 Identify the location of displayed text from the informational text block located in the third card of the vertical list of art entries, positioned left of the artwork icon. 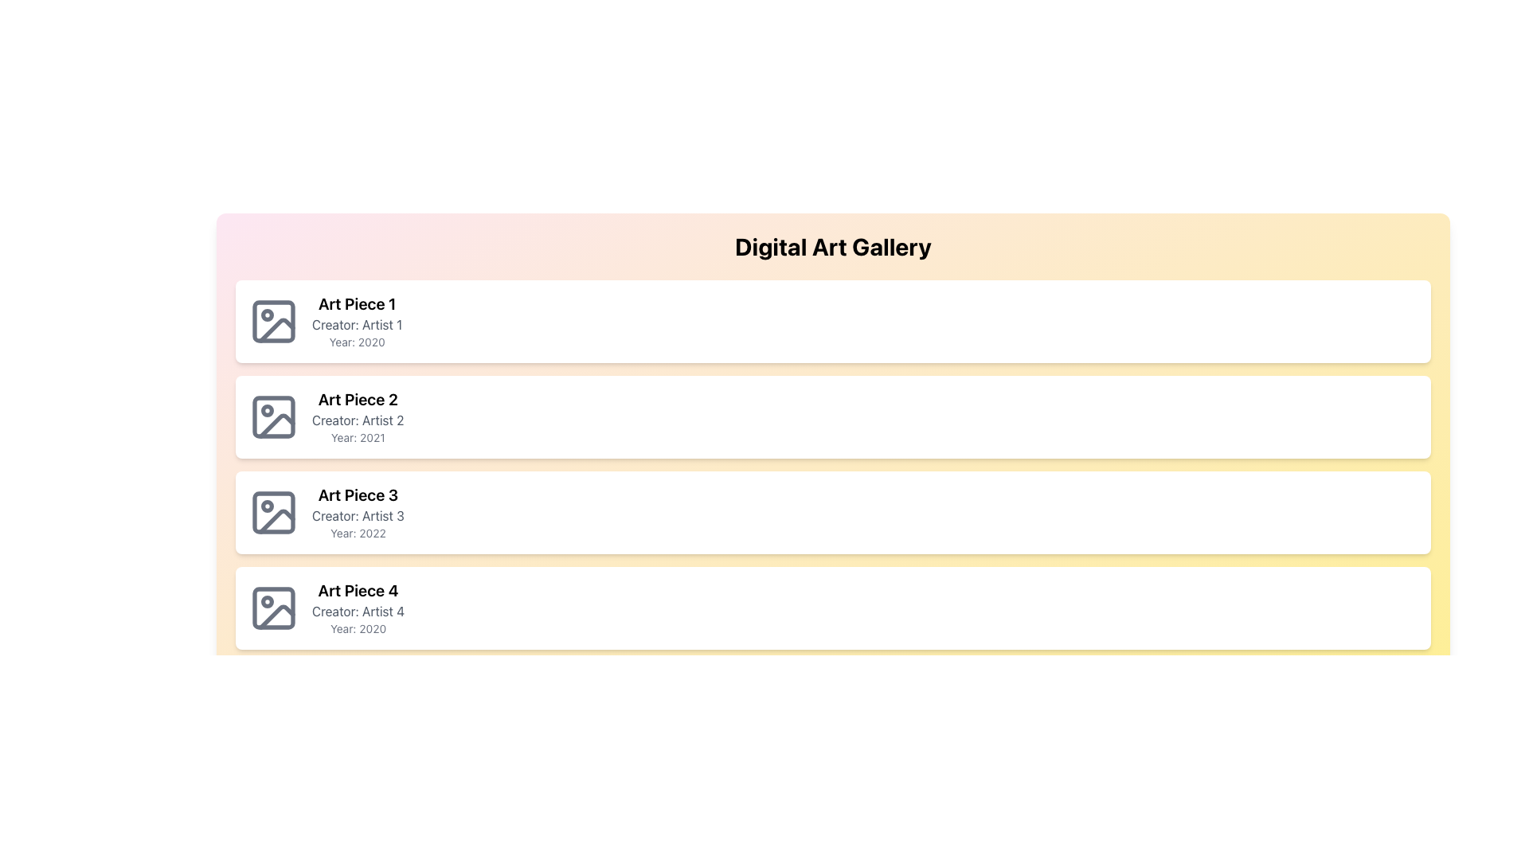
(357, 513).